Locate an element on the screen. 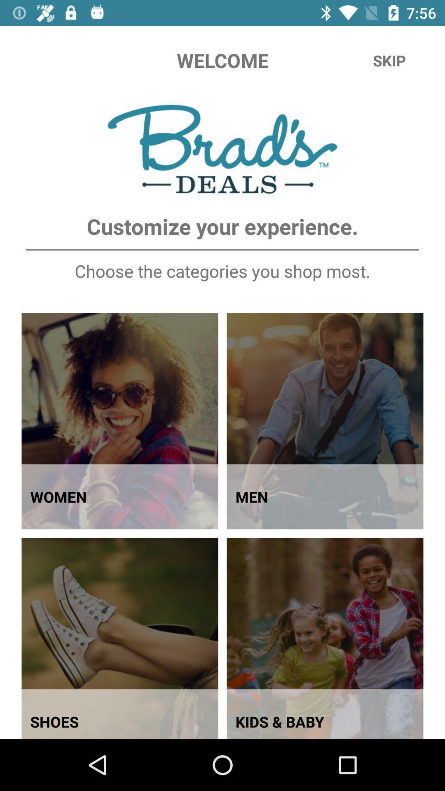 The width and height of the screenshot is (445, 791). the fourth category is located at coordinates (325, 638).